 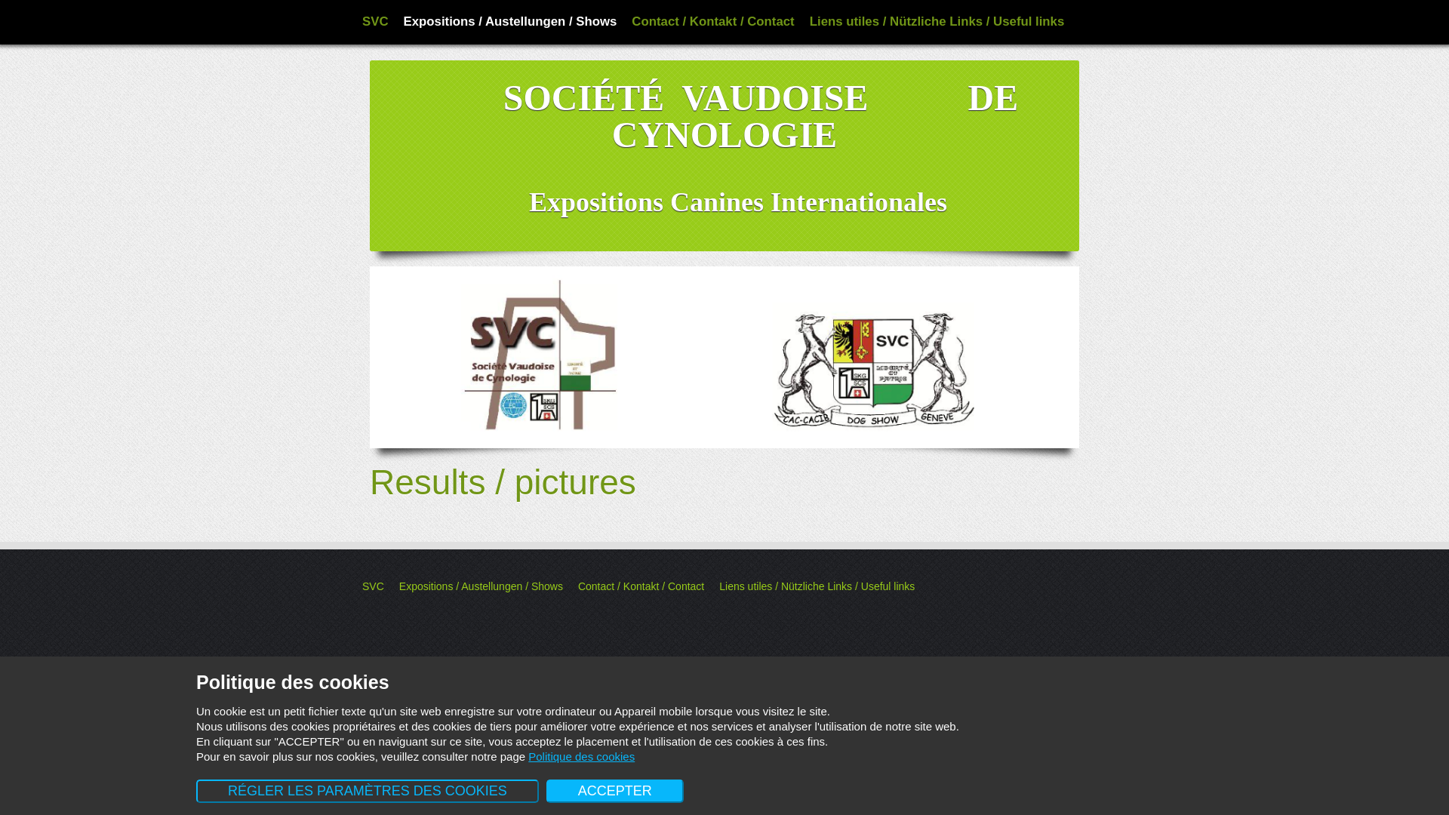 I want to click on 'ACCEPTER', so click(x=615, y=790).